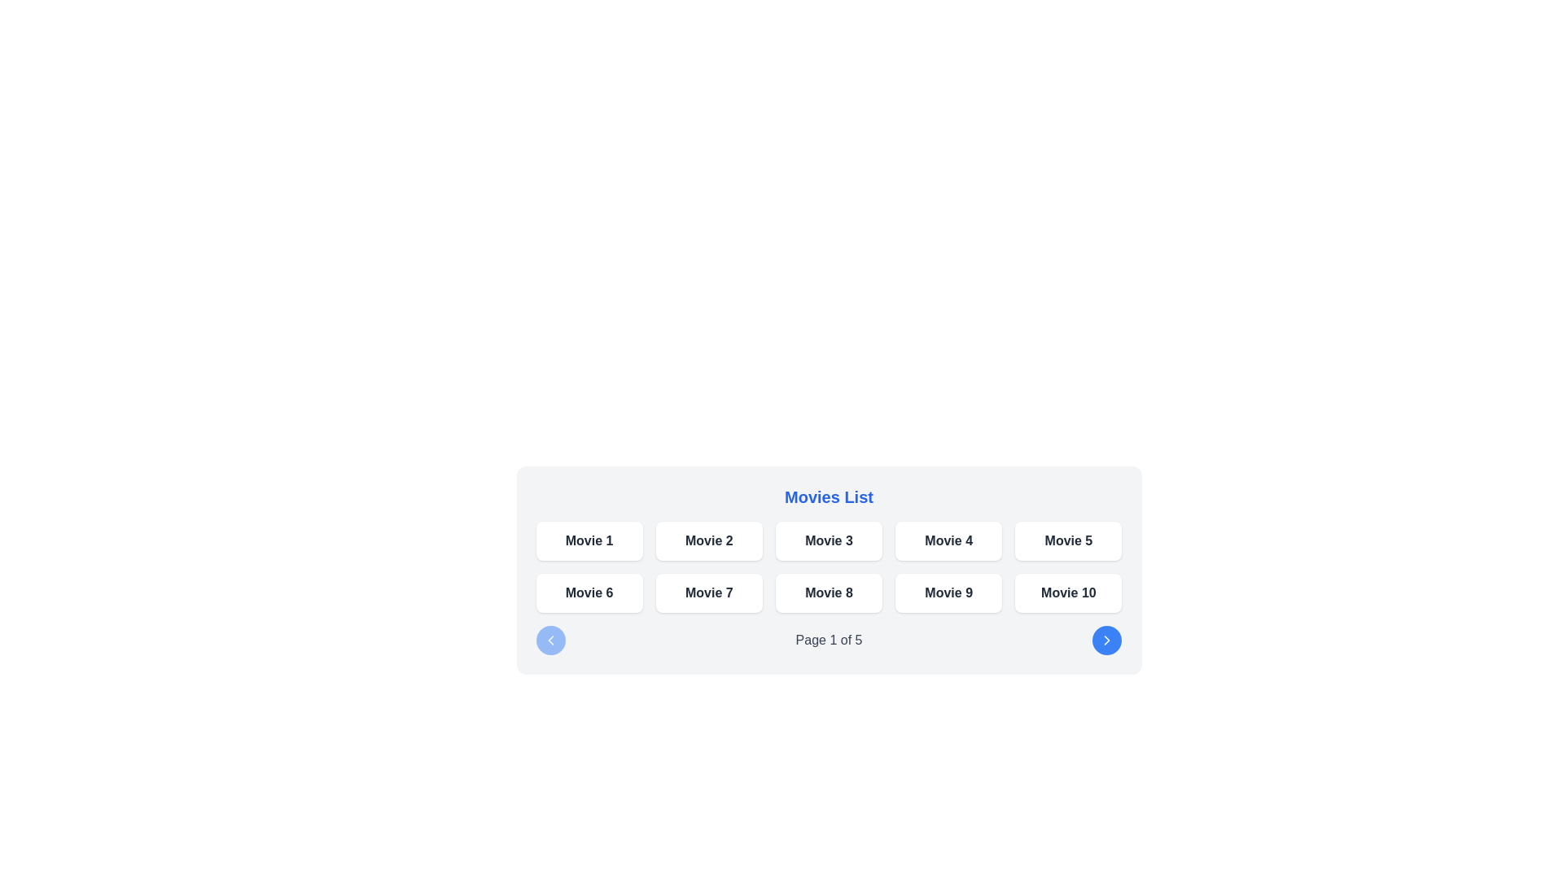  What do you see at coordinates (589, 593) in the screenshot?
I see `the 'Movie 6' button` at bounding box center [589, 593].